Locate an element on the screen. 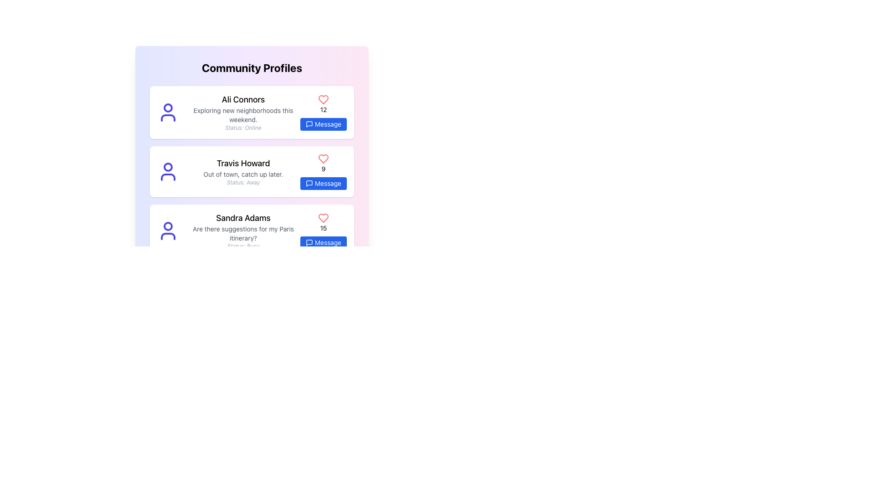 This screenshot has height=492, width=875. the graphic icon representing the user profile for 'Sandra Adams' in the 'Community Profiles' section, located on the left side of the third card is located at coordinates (168, 230).